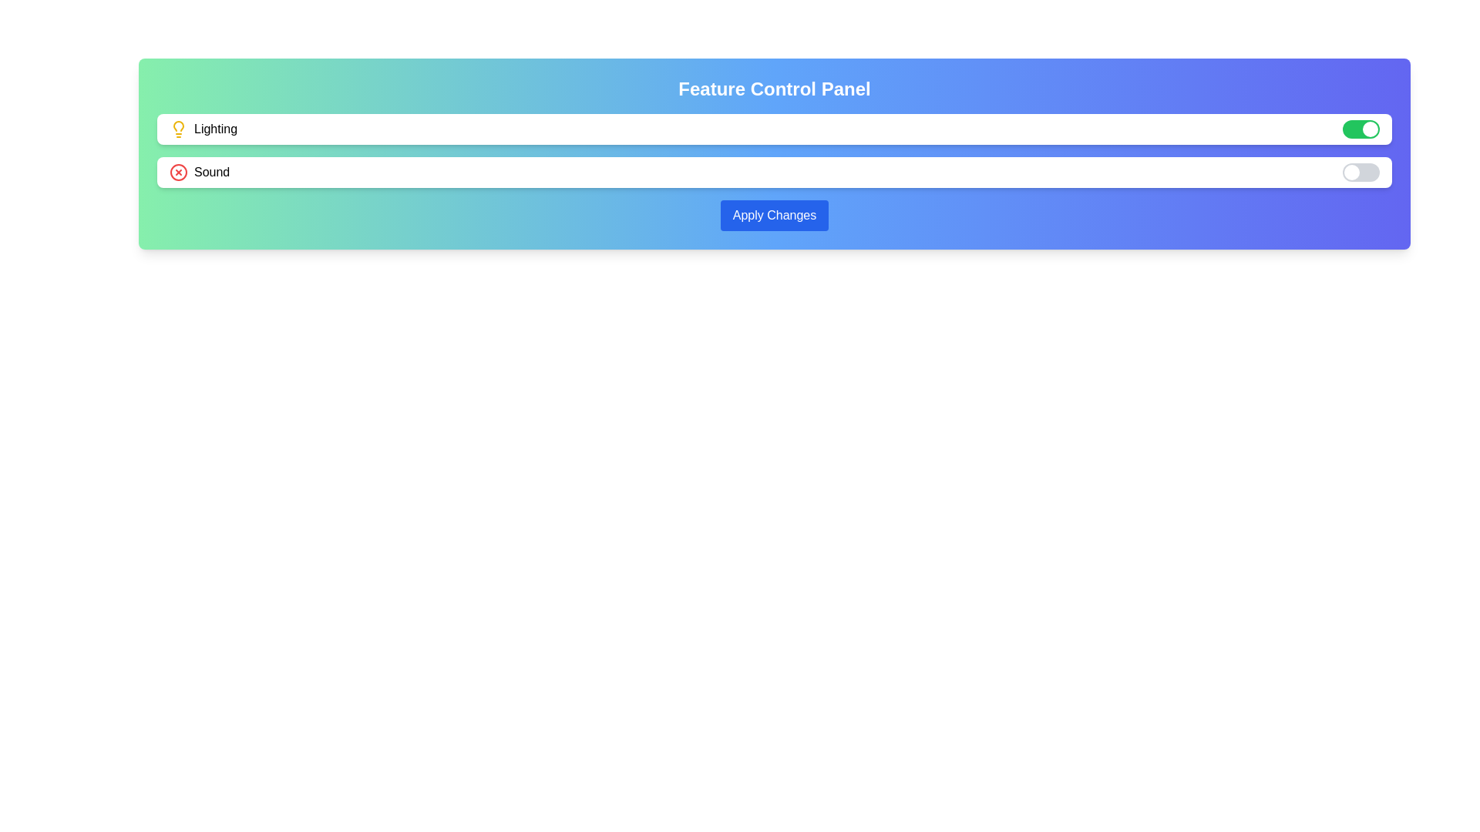  Describe the element at coordinates (1350, 172) in the screenshot. I see `the circular toggle indicator from the left edge of the toggle switch` at that location.